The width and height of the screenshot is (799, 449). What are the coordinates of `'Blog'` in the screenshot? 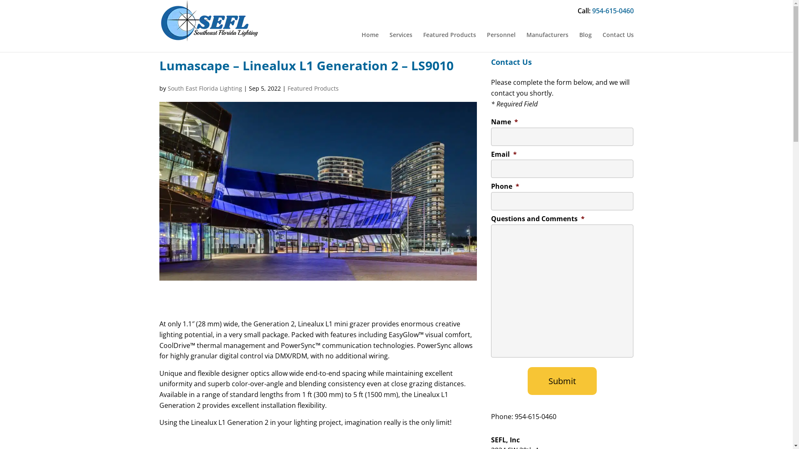 It's located at (585, 35).